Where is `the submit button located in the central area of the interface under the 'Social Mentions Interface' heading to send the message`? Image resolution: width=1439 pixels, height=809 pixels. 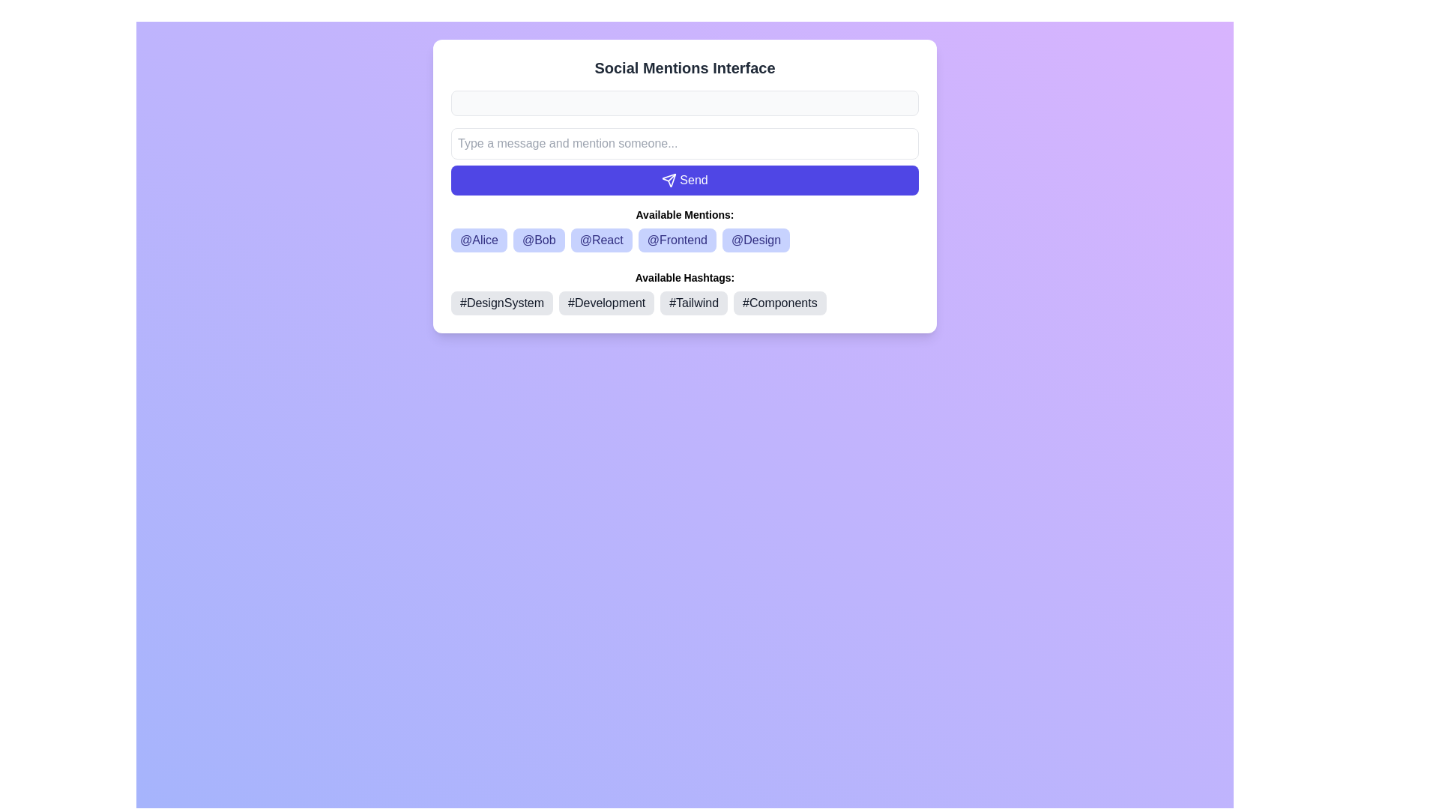 the submit button located in the central area of the interface under the 'Social Mentions Interface' heading to send the message is located at coordinates (684, 162).